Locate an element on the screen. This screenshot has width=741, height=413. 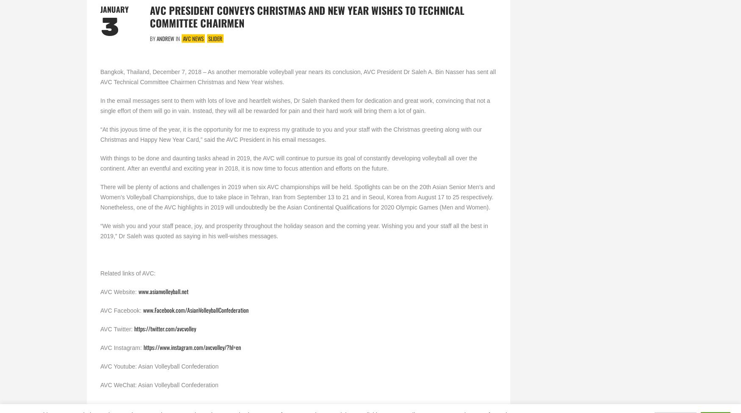
'January' is located at coordinates (100, 8).